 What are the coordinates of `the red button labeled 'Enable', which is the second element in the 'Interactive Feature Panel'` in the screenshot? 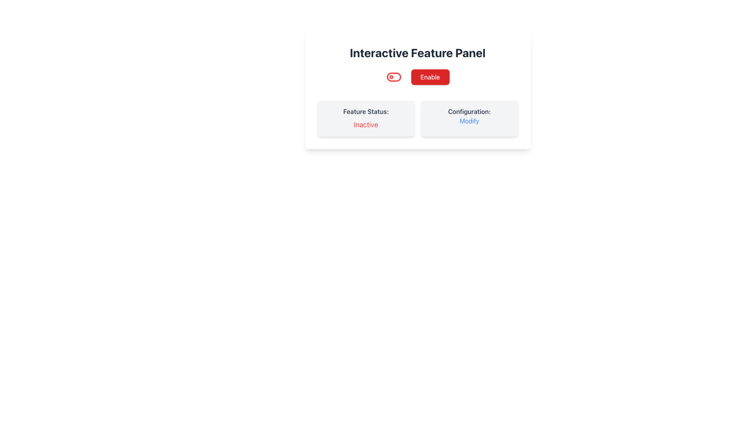 It's located at (417, 77).